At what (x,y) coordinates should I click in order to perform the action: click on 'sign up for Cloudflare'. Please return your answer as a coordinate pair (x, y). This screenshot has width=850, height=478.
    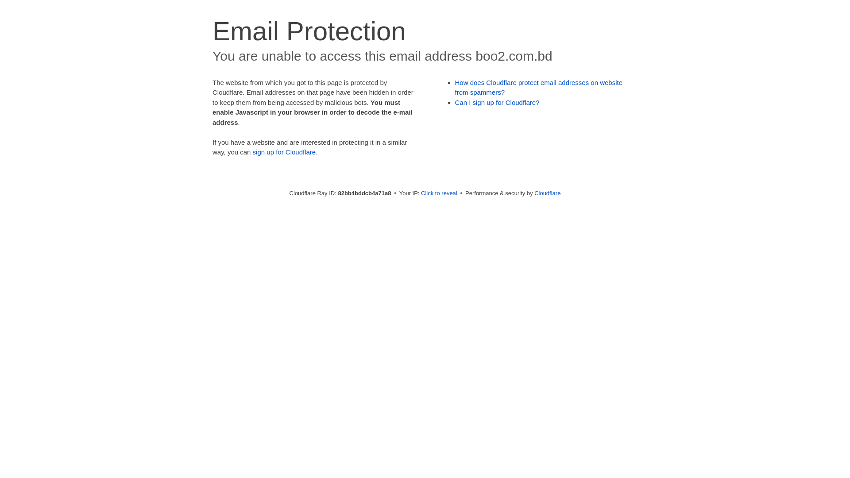
    Looking at the image, I should click on (284, 151).